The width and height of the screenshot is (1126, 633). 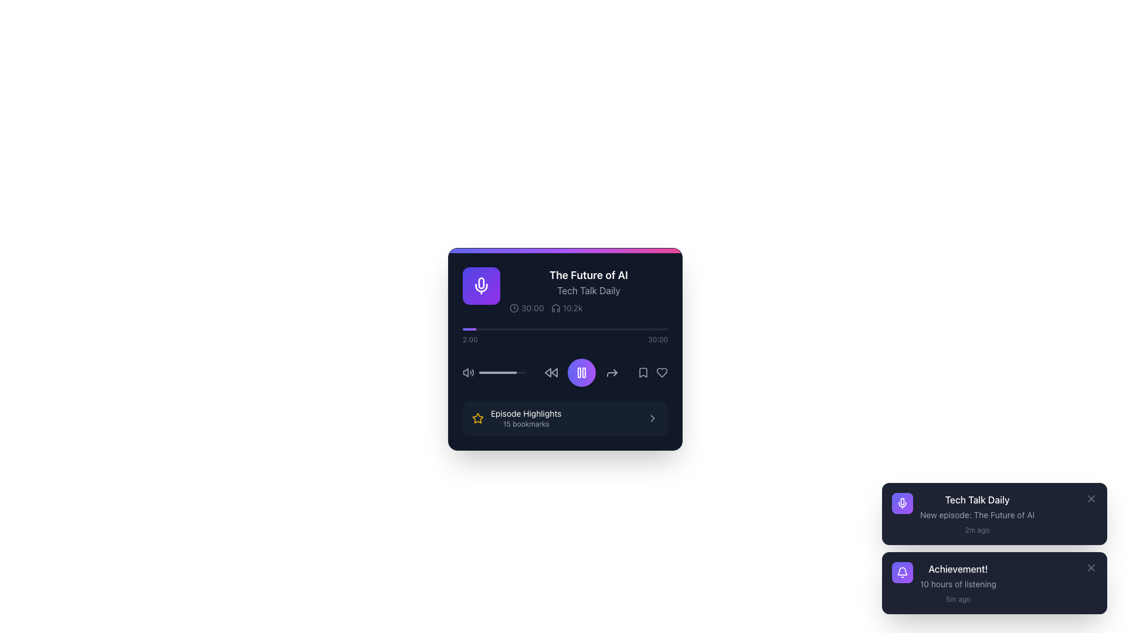 What do you see at coordinates (662, 373) in the screenshot?
I see `the heart-shaped icon button that changes color from gray to pink when hovered over, located in the lower section of the card interface, to the right of a bookmark icon` at bounding box center [662, 373].